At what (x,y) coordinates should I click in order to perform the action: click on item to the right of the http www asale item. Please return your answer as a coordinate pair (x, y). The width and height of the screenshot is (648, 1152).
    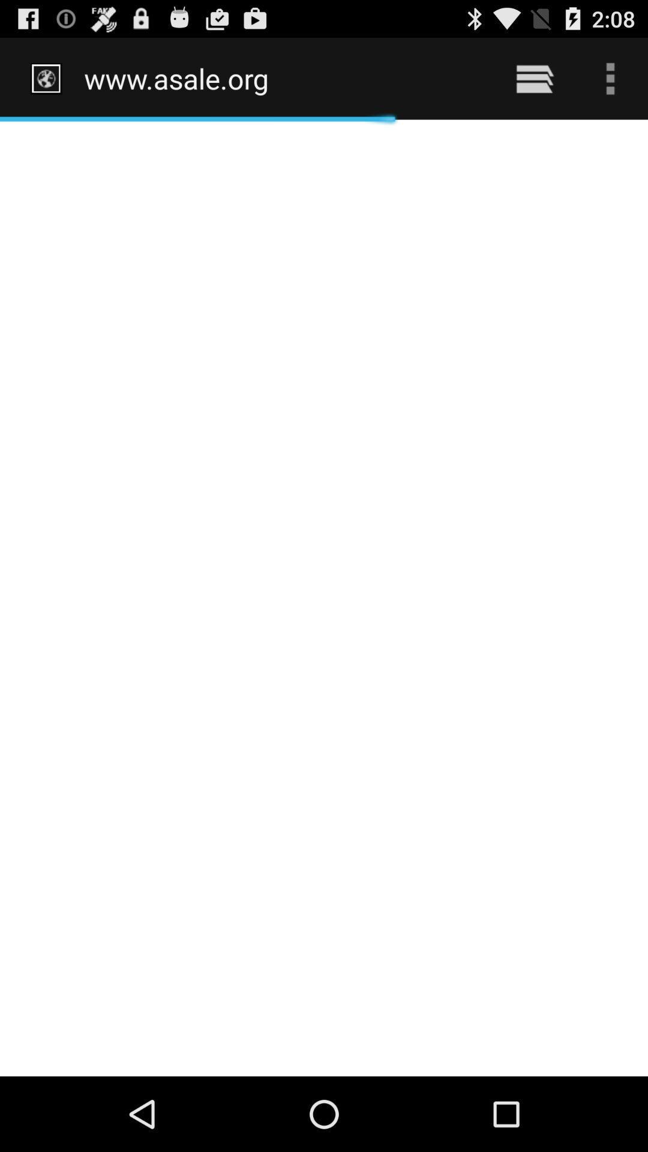
    Looking at the image, I should click on (534, 78).